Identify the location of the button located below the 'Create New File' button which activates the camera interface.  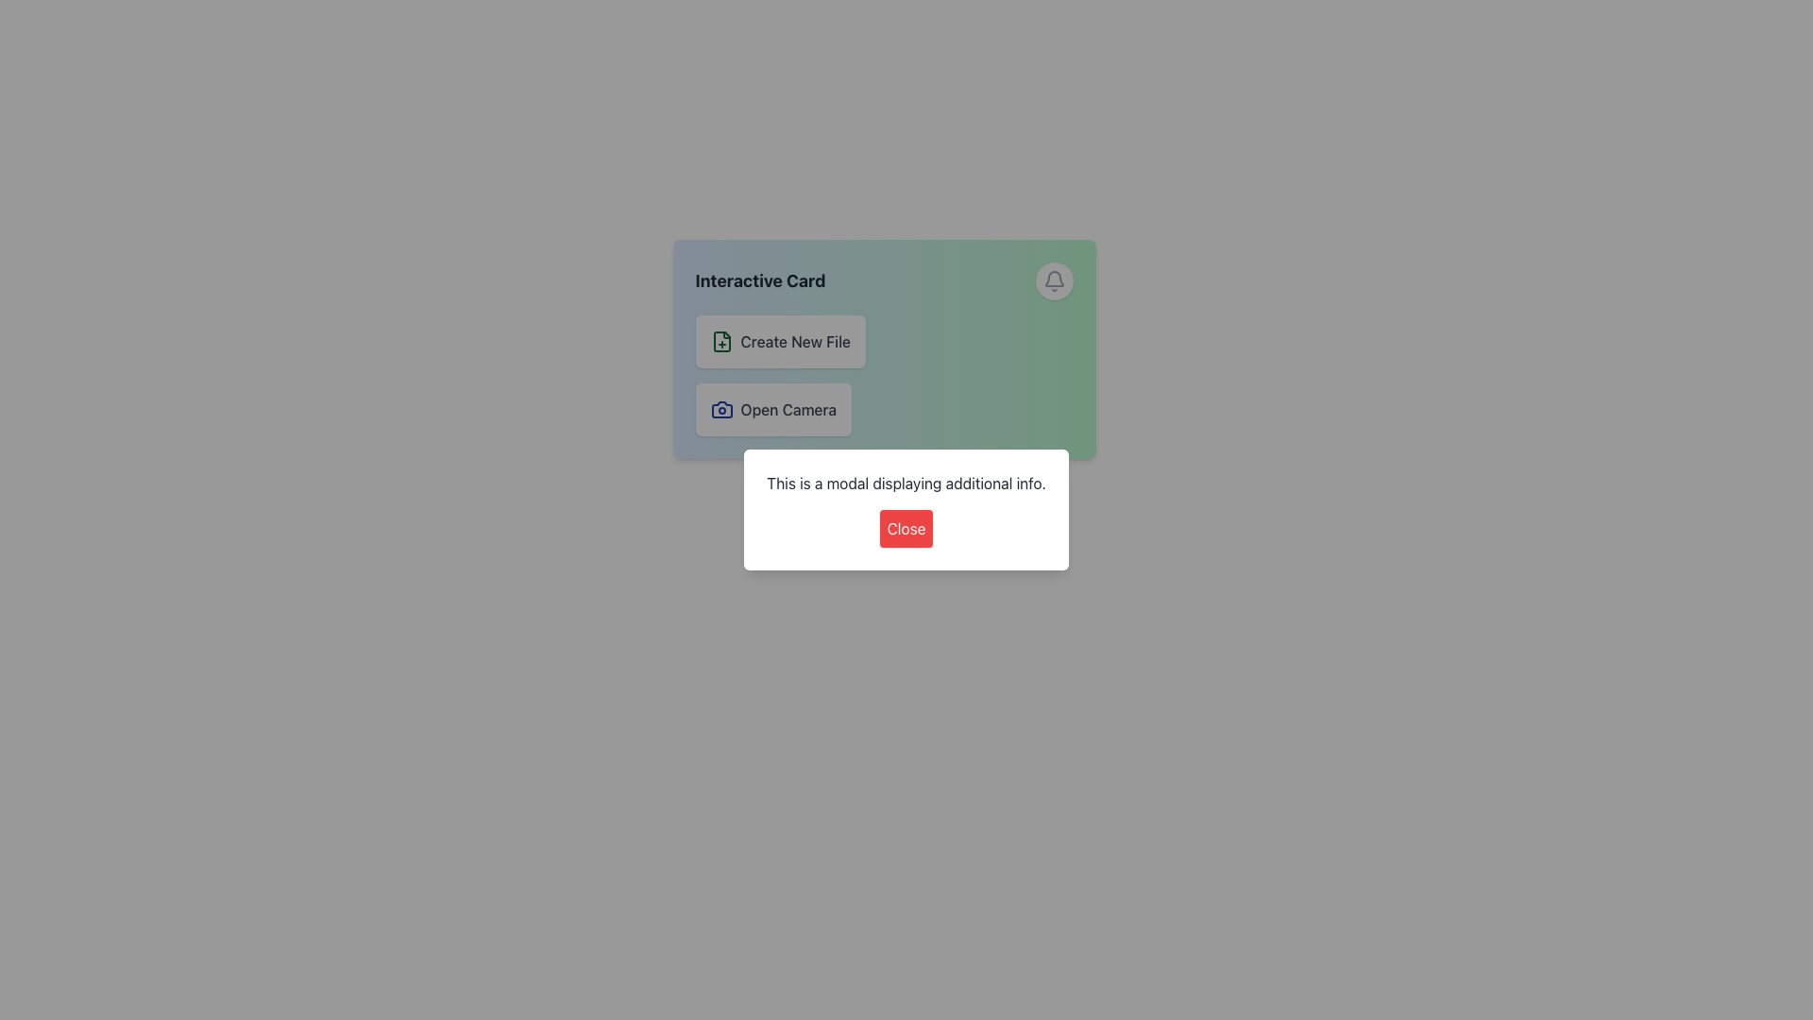
(773, 409).